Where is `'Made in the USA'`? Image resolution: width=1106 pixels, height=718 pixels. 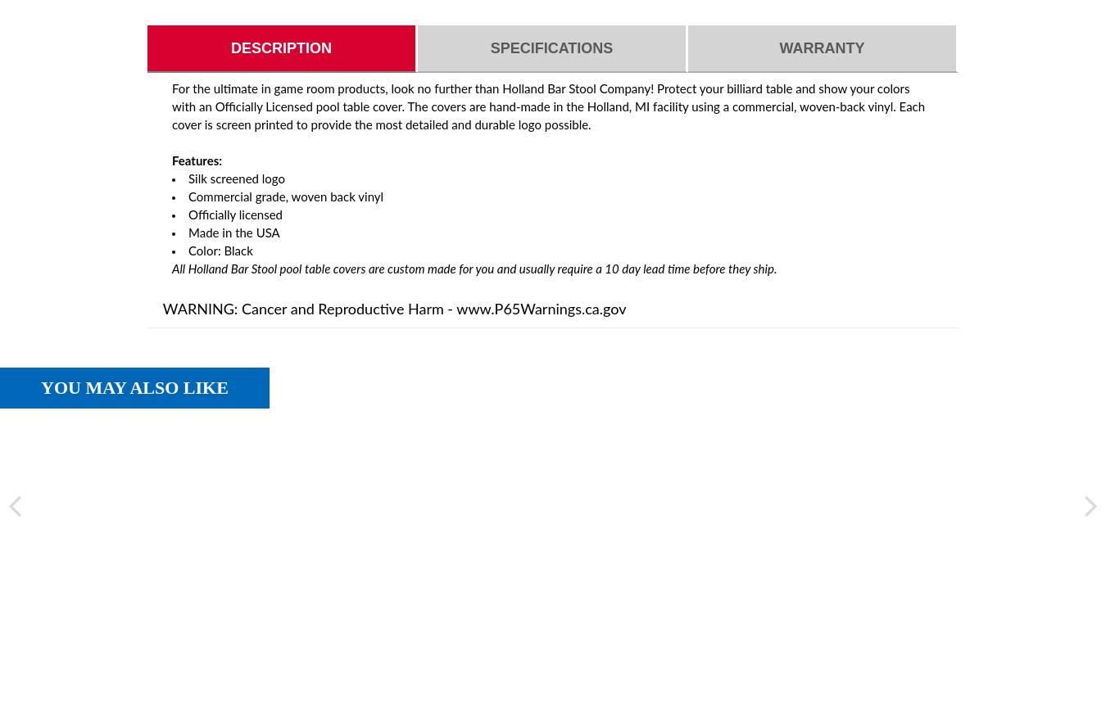 'Made in the USA' is located at coordinates (233, 233).